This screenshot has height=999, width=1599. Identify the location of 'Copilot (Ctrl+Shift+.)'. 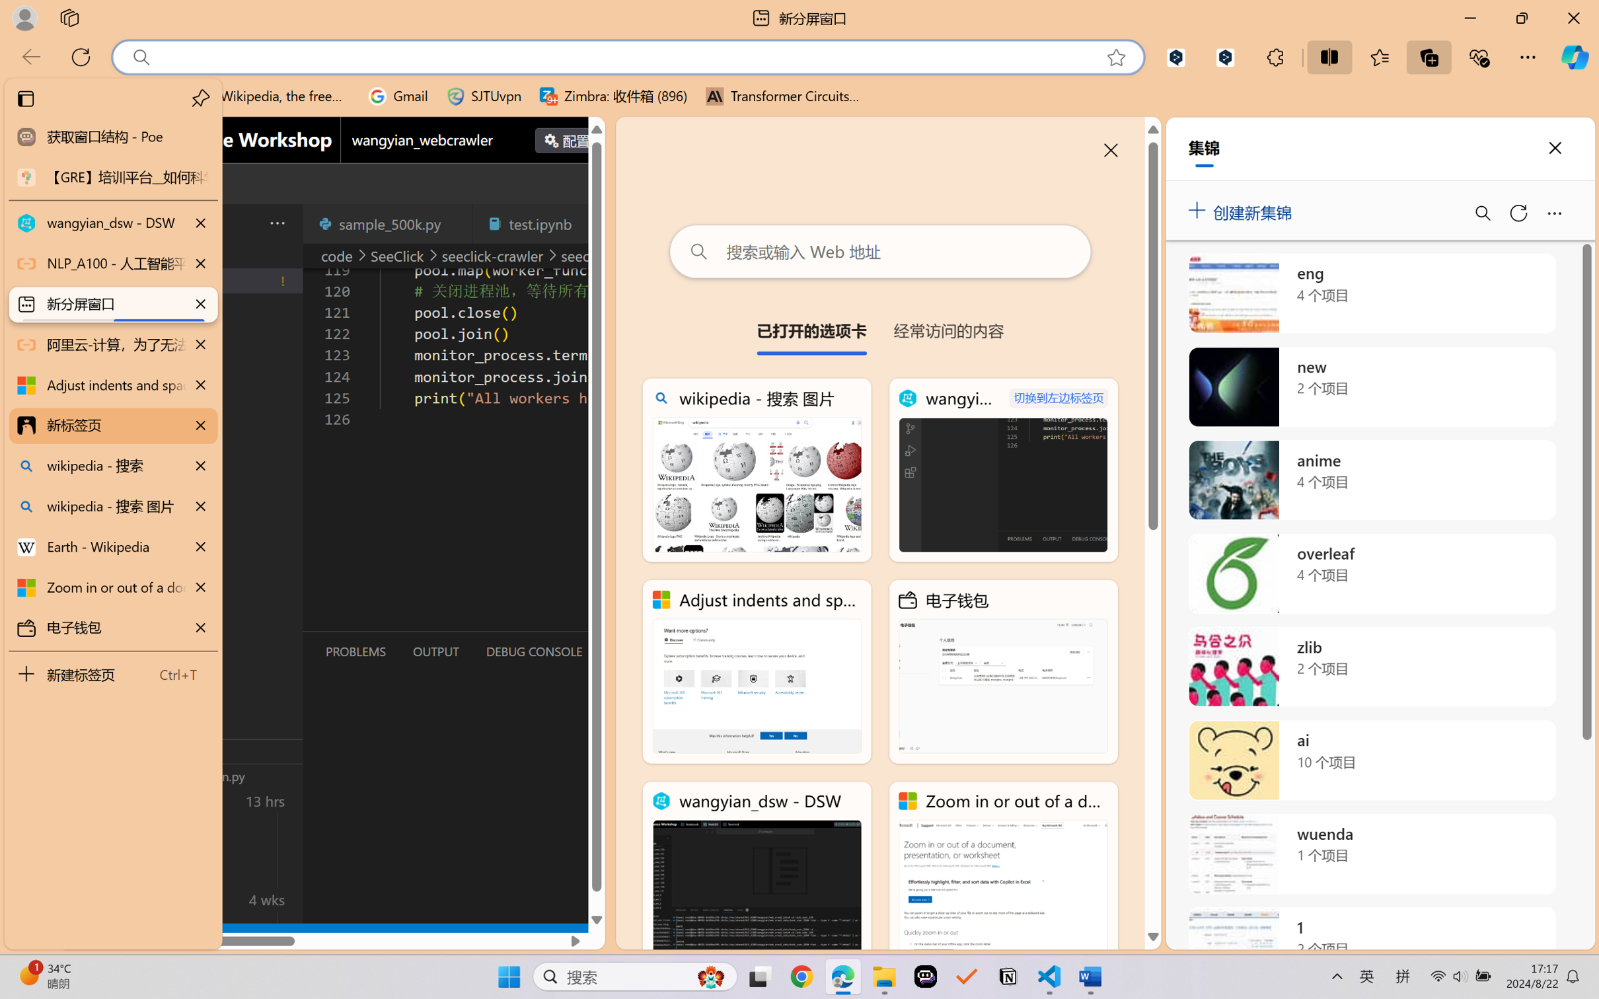
(1575, 57).